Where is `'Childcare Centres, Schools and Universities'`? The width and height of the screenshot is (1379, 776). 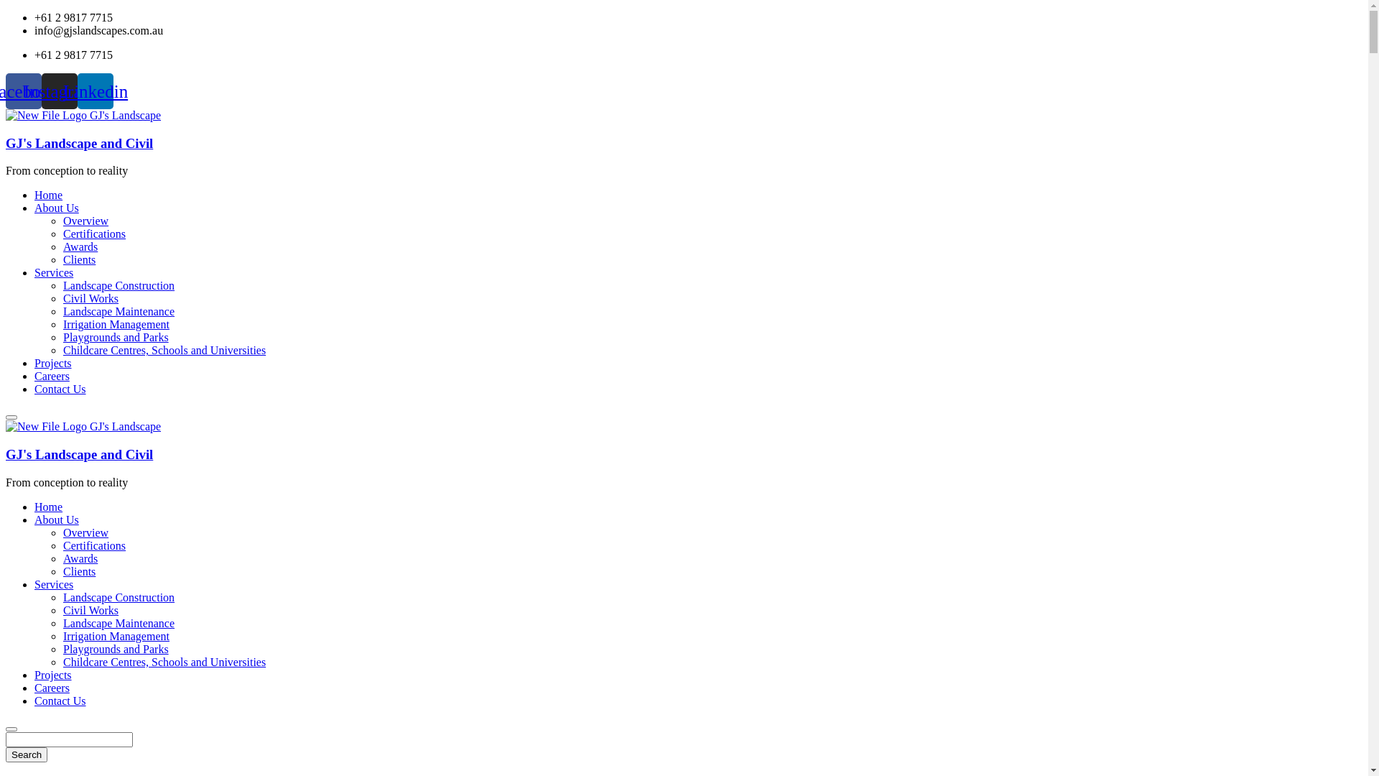
'Childcare Centres, Schools and Universities' is located at coordinates (164, 662).